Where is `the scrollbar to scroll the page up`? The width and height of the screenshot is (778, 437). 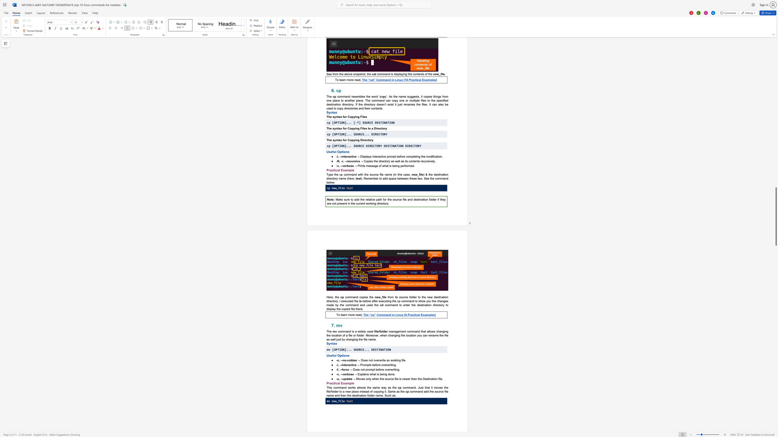
the scrollbar to scroll the page up is located at coordinates (776, 56).